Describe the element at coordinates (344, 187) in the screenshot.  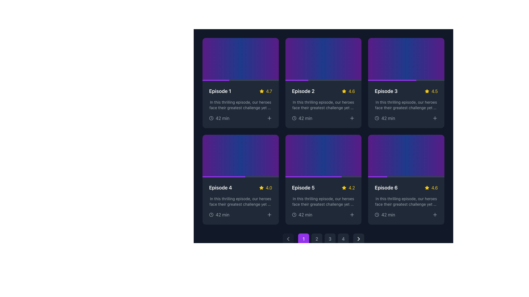
I see `yellow star icon representing ratings, located next to the numerical rating '4.2' in the card labeled 'Episode 5'` at that location.